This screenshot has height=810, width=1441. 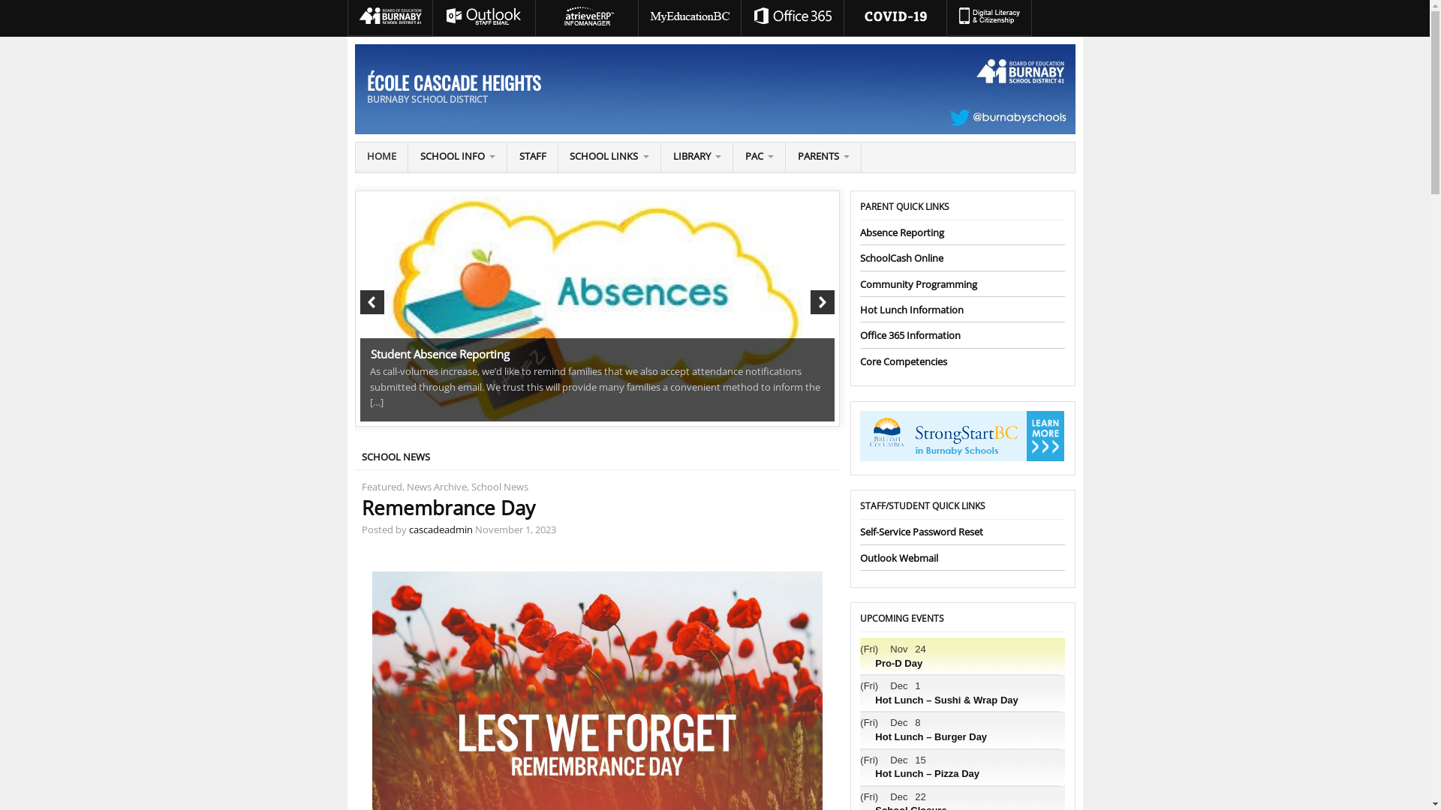 What do you see at coordinates (901, 256) in the screenshot?
I see `'SchoolCash Online'` at bounding box center [901, 256].